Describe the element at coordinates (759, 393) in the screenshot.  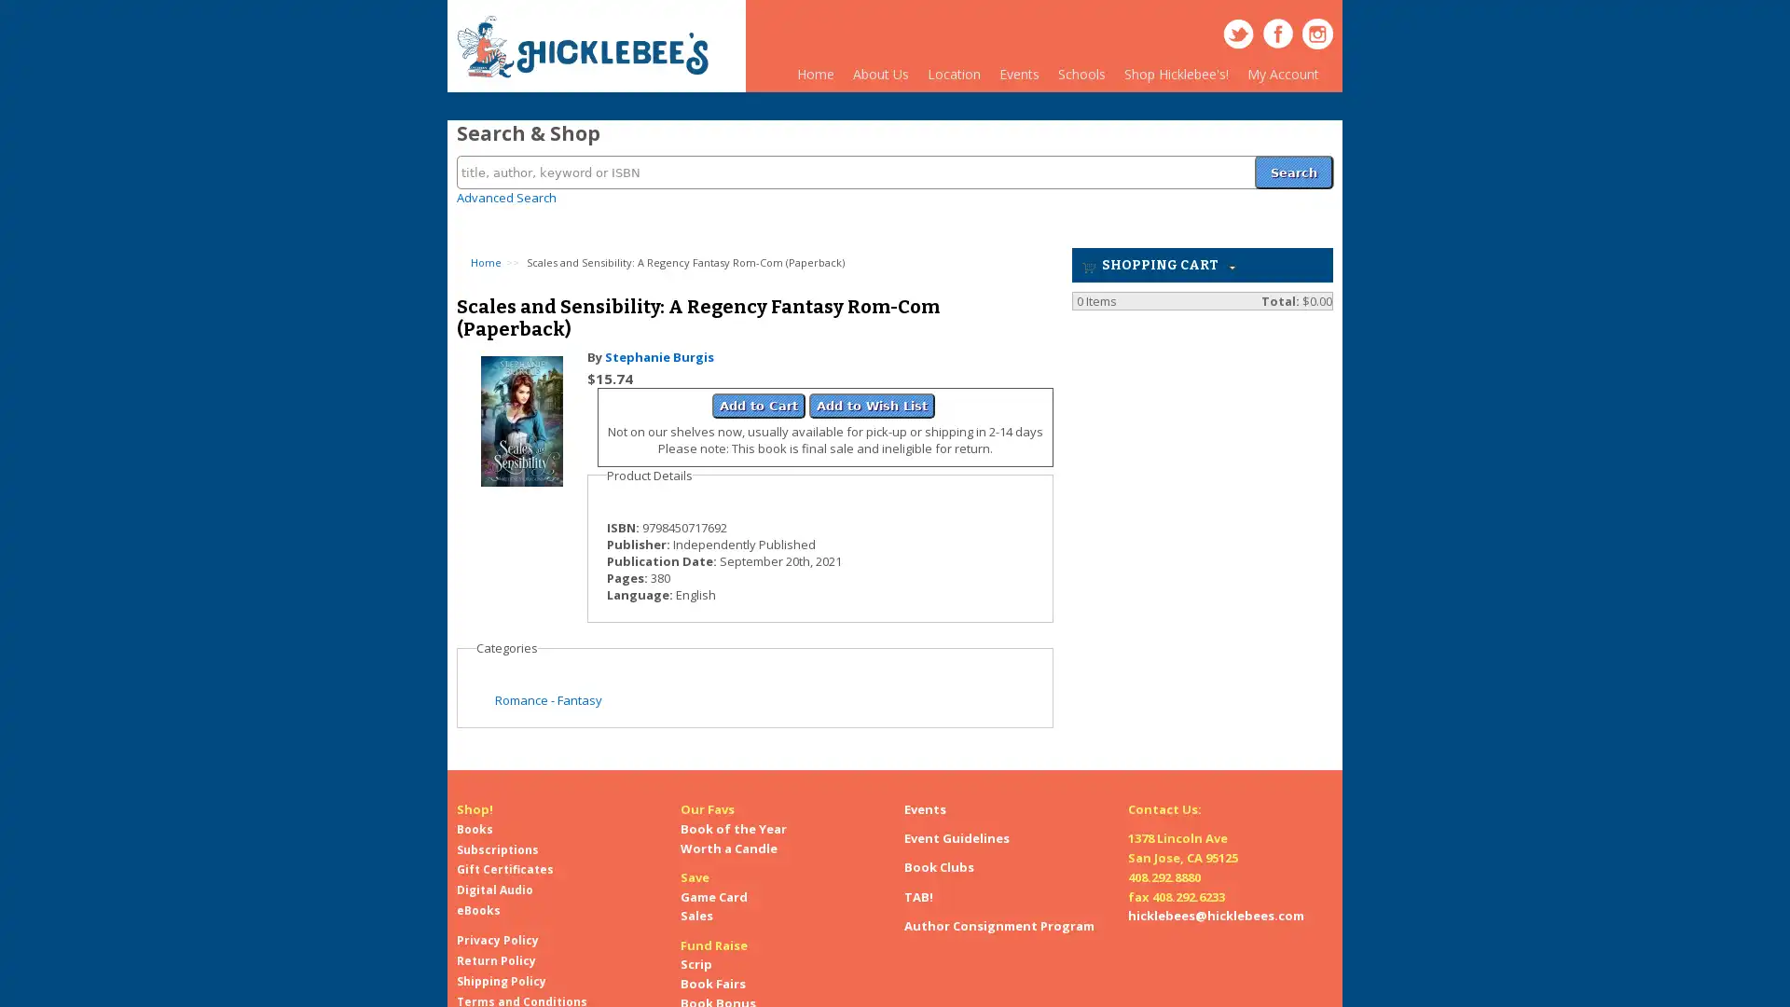
I see `Add to Cart` at that location.